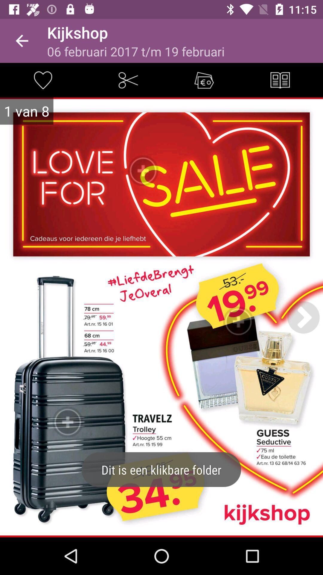  Describe the element at coordinates (303, 317) in the screenshot. I see `show next` at that location.